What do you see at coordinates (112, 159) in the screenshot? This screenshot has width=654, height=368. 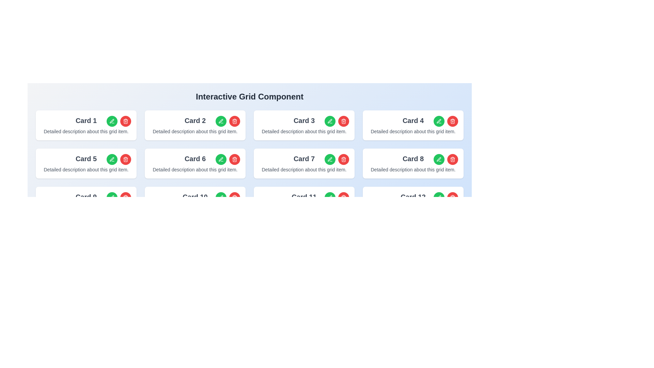 I see `the pen/pencil icon located in the top-right portion of Card 5, identified by its thin line style and proximity to the trash icon` at bounding box center [112, 159].